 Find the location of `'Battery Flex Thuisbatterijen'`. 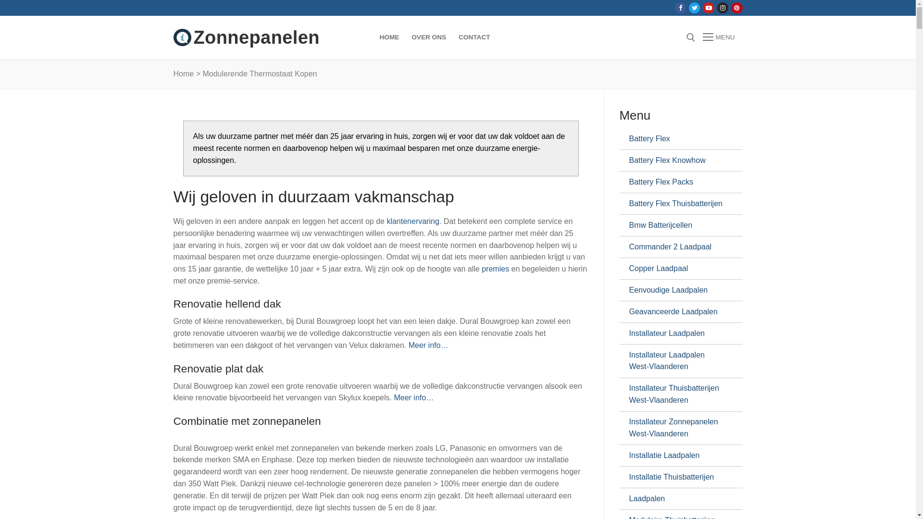

'Battery Flex Thuisbatterijen' is located at coordinates (676, 203).